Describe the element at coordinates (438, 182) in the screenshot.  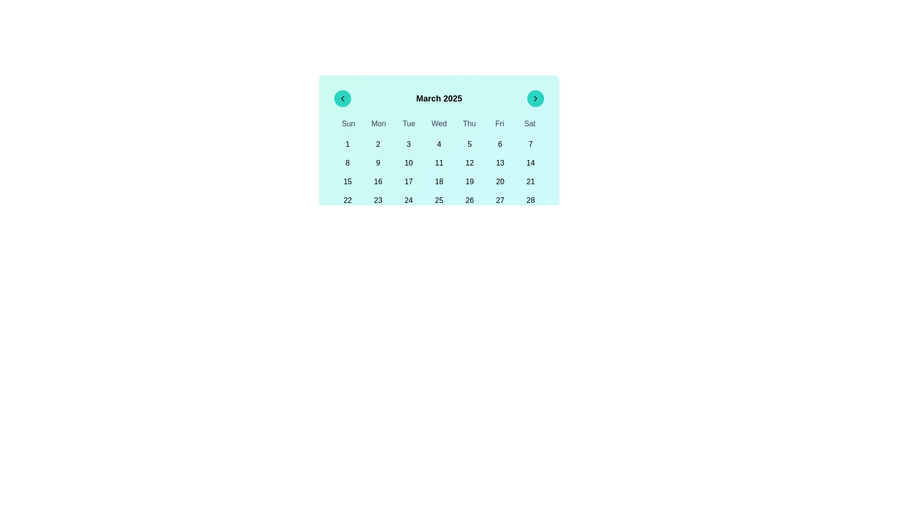
I see `the interactive text element representing the date '18' in the calendar view to observe styling changes` at that location.